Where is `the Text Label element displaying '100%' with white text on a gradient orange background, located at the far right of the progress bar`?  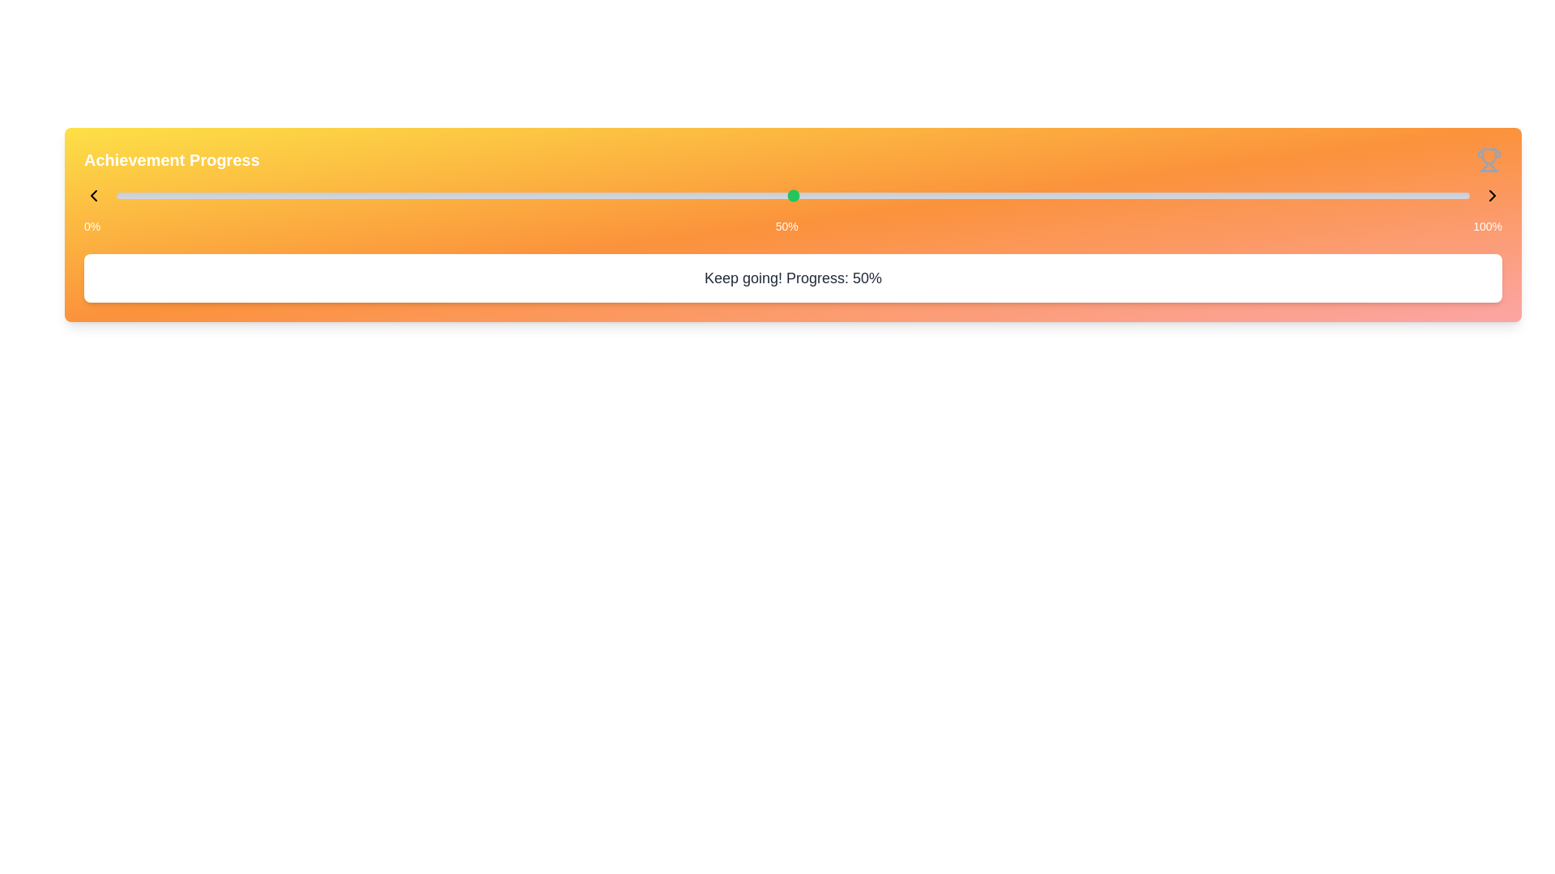 the Text Label element displaying '100%' with white text on a gradient orange background, located at the far right of the progress bar is located at coordinates (1488, 227).